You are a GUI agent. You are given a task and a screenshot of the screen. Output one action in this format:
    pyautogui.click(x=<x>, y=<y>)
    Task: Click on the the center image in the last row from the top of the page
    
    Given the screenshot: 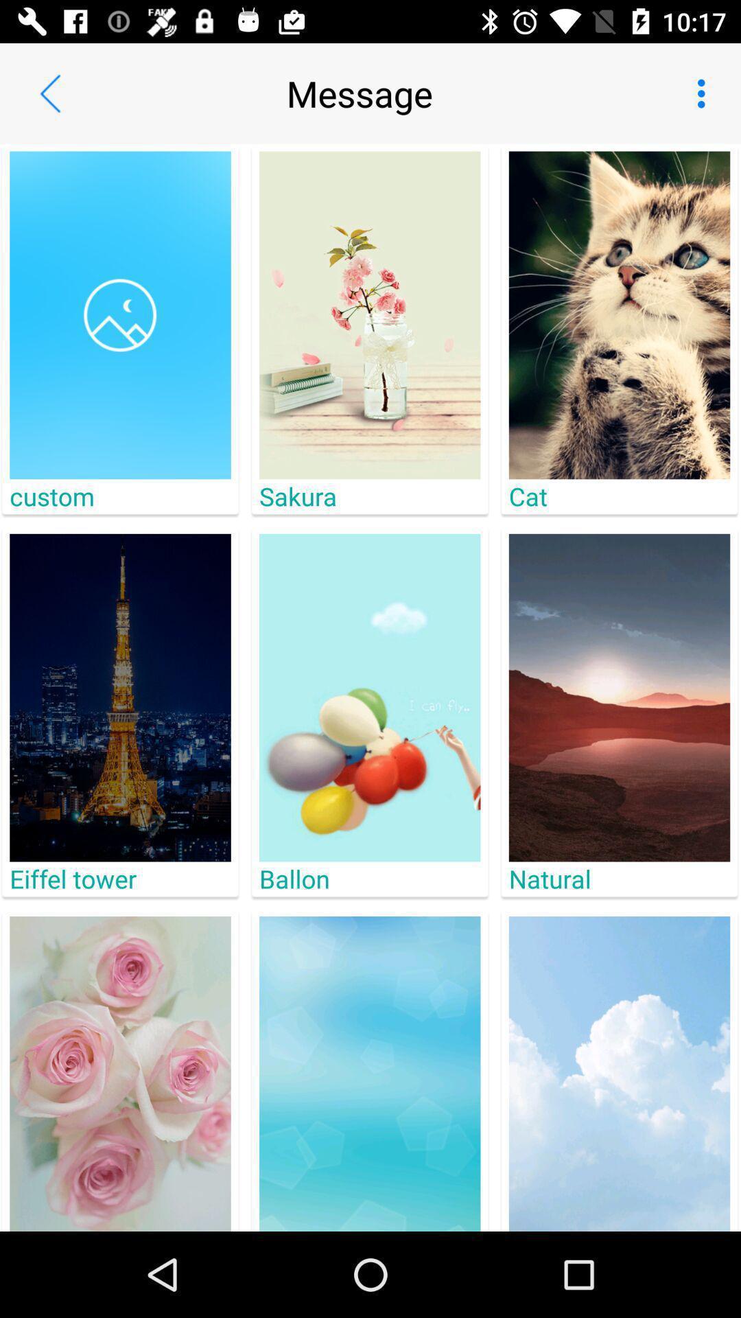 What is the action you would take?
    pyautogui.click(x=369, y=1073)
    